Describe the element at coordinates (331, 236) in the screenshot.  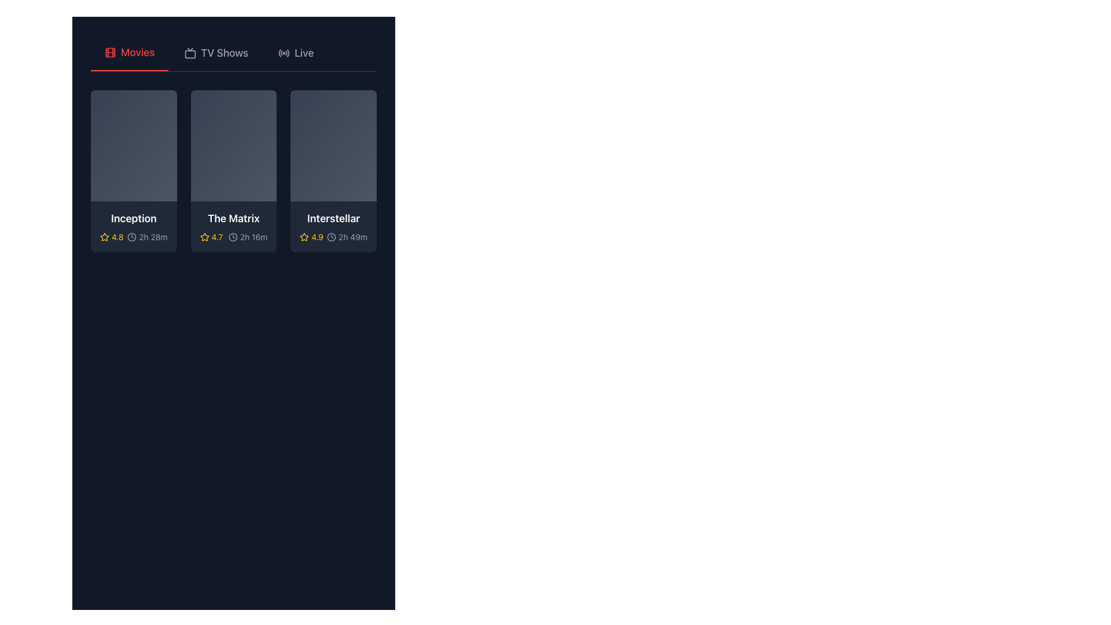
I see `the clock-like icon representing the duration of the movie 'Interstellar', located to the left of the text '2h 49m' and following the rating icon '4.9'` at that location.